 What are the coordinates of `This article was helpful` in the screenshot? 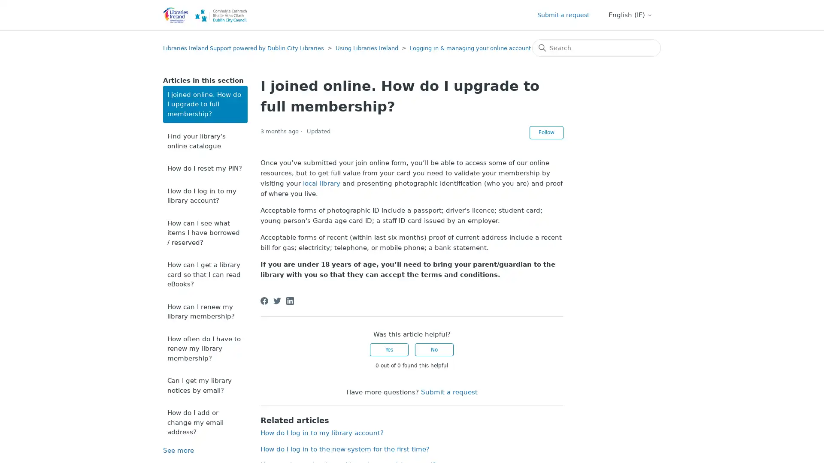 It's located at (389, 350).